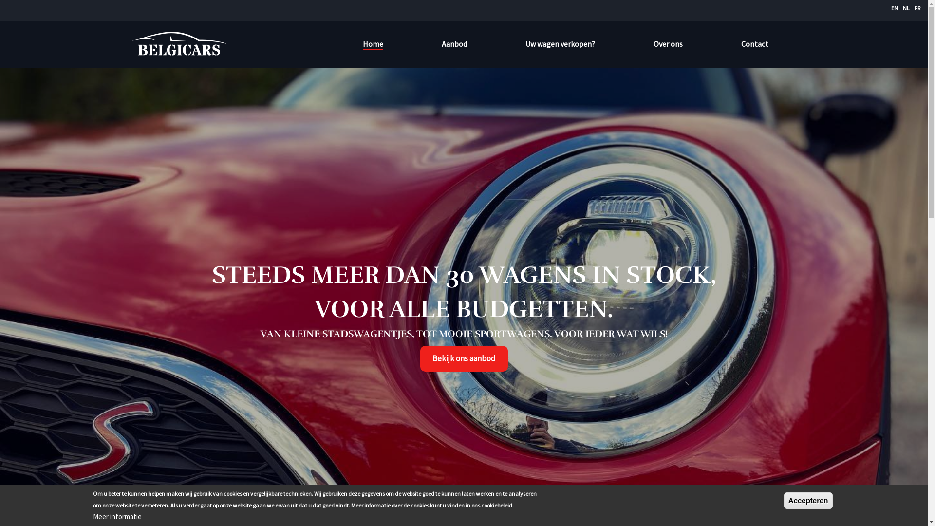 The height and width of the screenshot is (526, 935). I want to click on 'Overslaan en naar de inhoud gaan', so click(0, 0).